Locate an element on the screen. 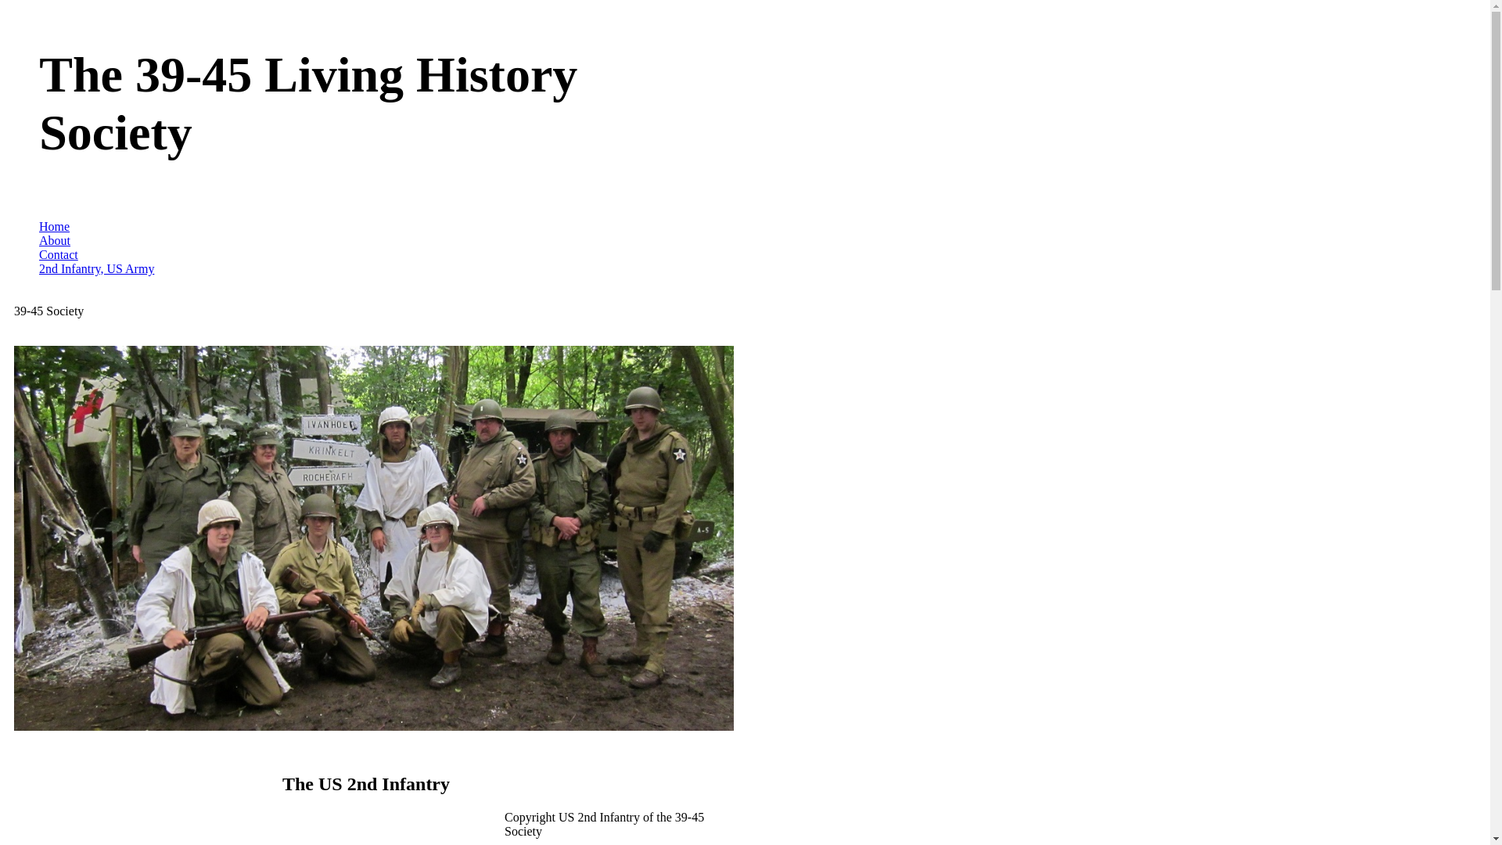 The width and height of the screenshot is (1502, 845). 'About' is located at coordinates (38, 240).